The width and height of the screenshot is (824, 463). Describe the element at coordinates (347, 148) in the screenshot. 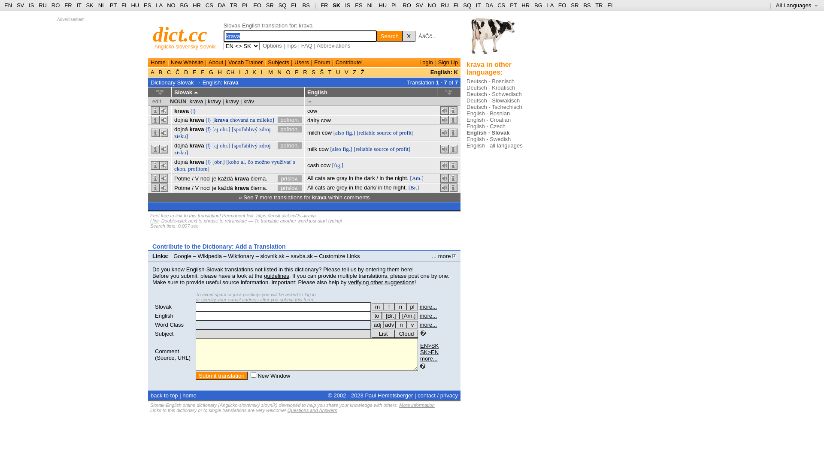

I see `'fig.]'` at that location.